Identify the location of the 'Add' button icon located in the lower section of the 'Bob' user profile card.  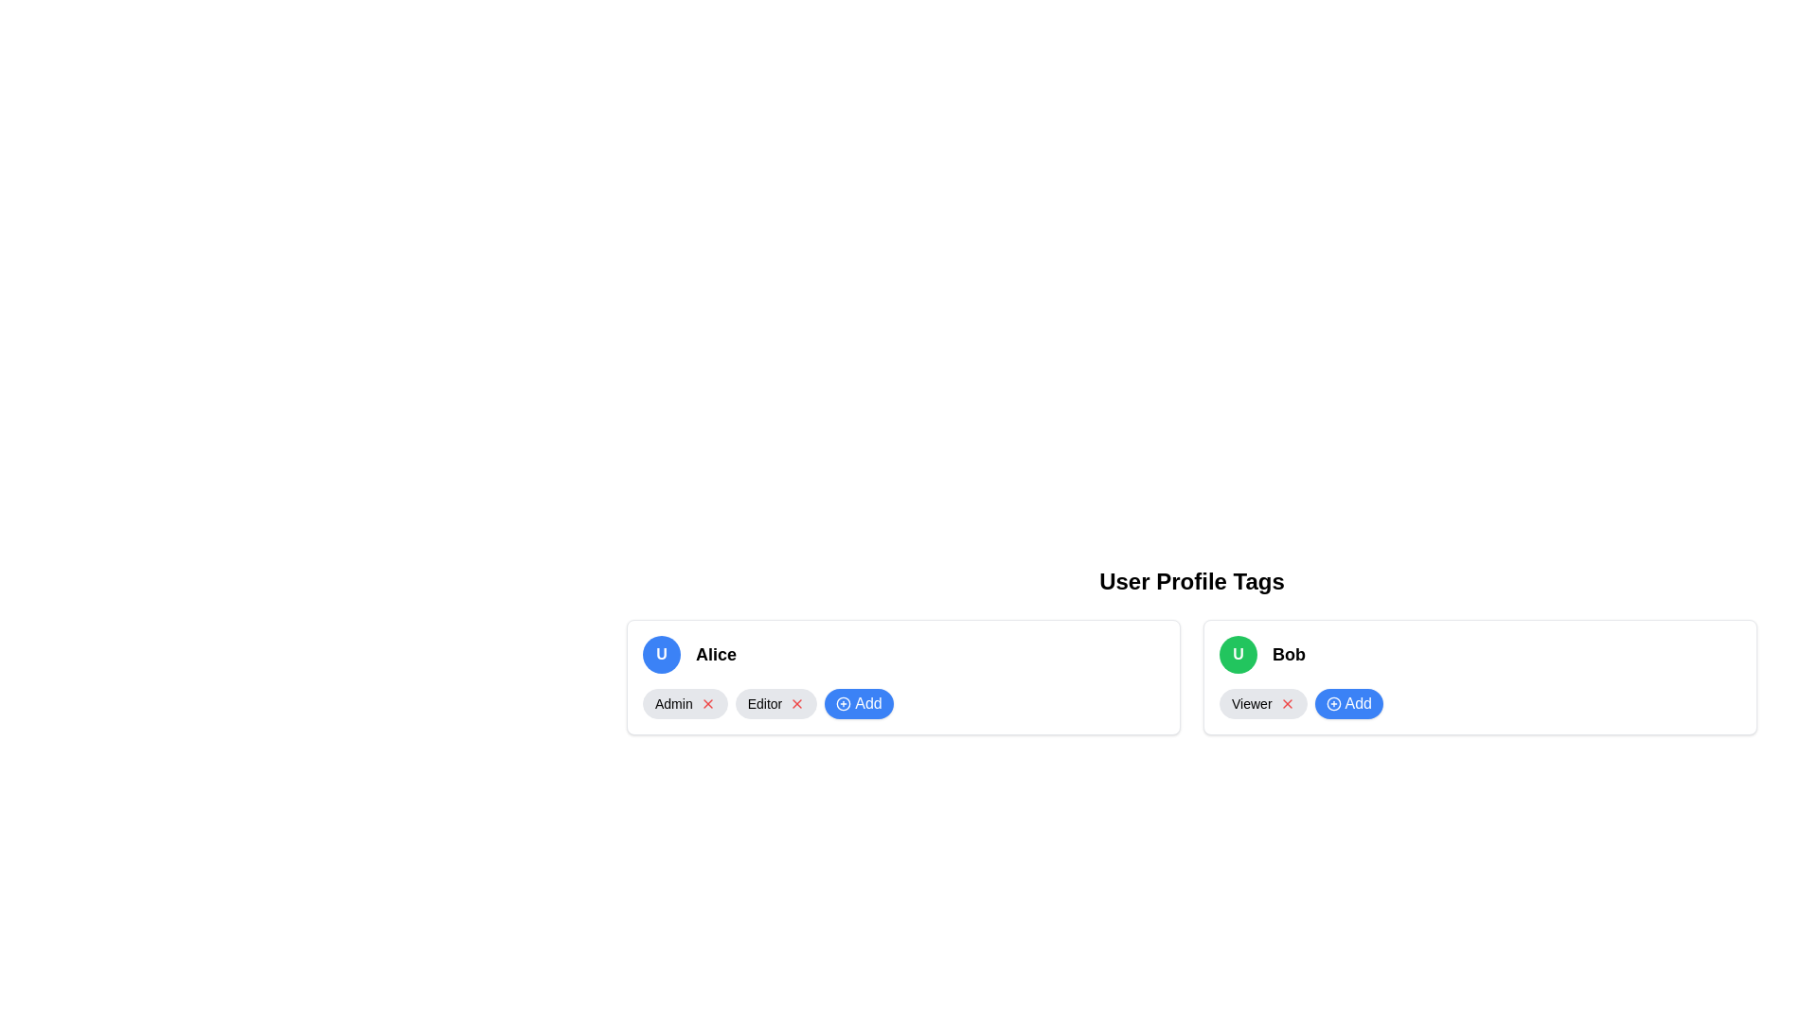
(1332, 704).